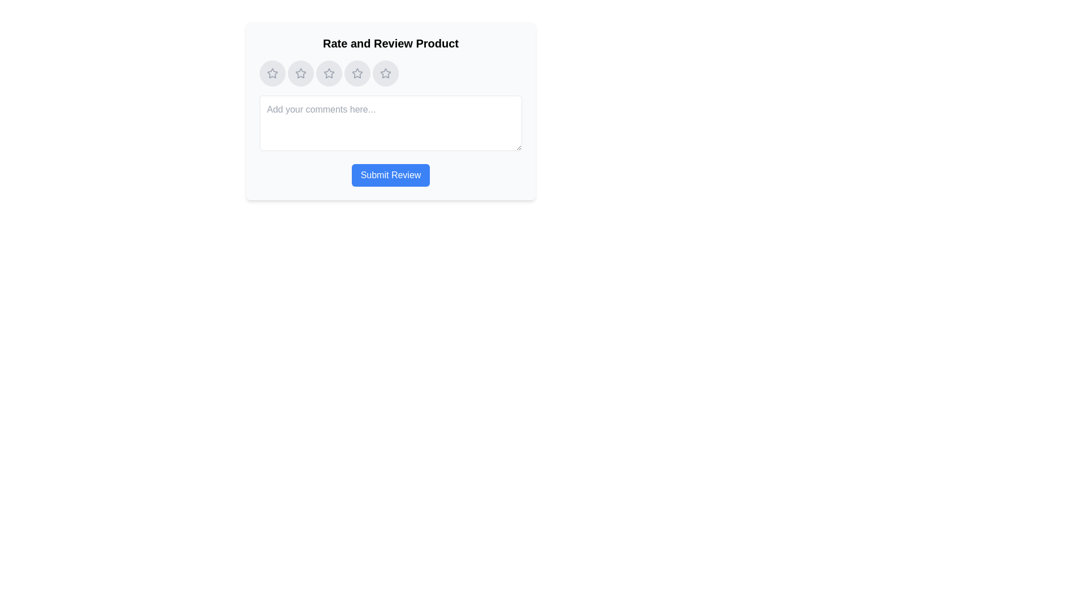  Describe the element at coordinates (391, 175) in the screenshot. I see `the 'Submit Review' button with a vibrant blue background and white text` at that location.